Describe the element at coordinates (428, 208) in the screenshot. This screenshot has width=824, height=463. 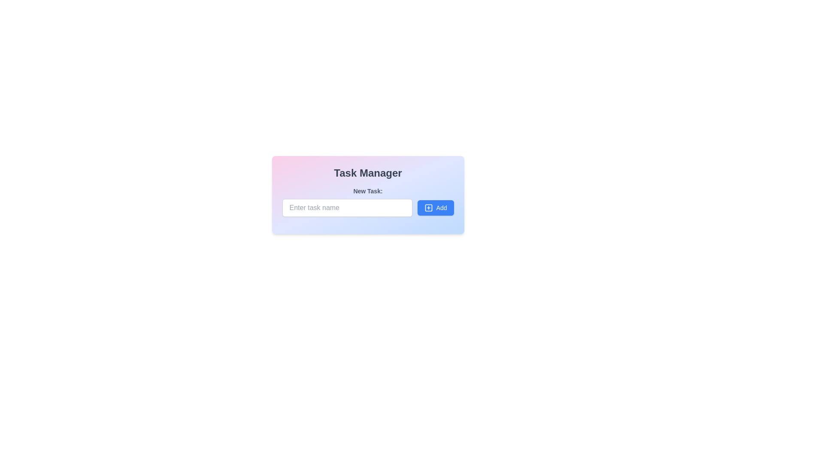
I see `the icon located inside the 'Add' button in the task manager interface` at that location.